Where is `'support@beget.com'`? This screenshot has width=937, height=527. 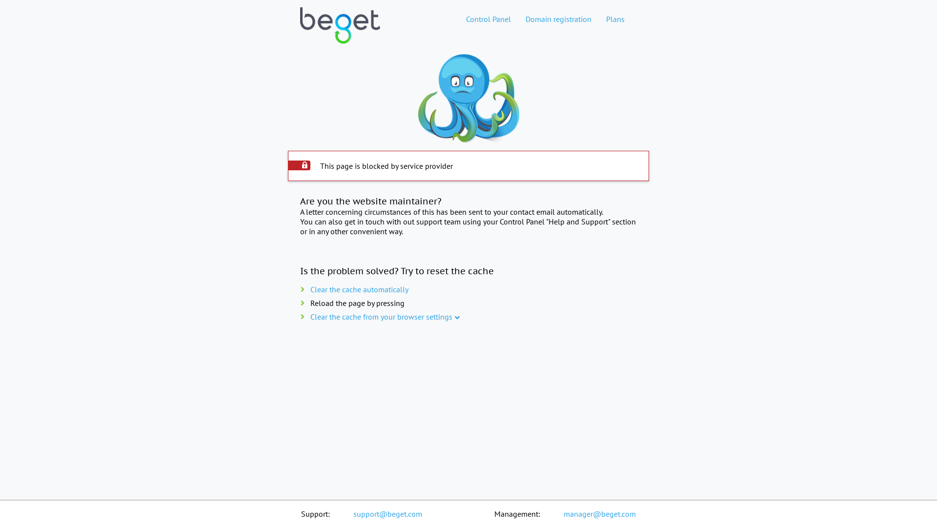 'support@beget.com' is located at coordinates (387, 513).